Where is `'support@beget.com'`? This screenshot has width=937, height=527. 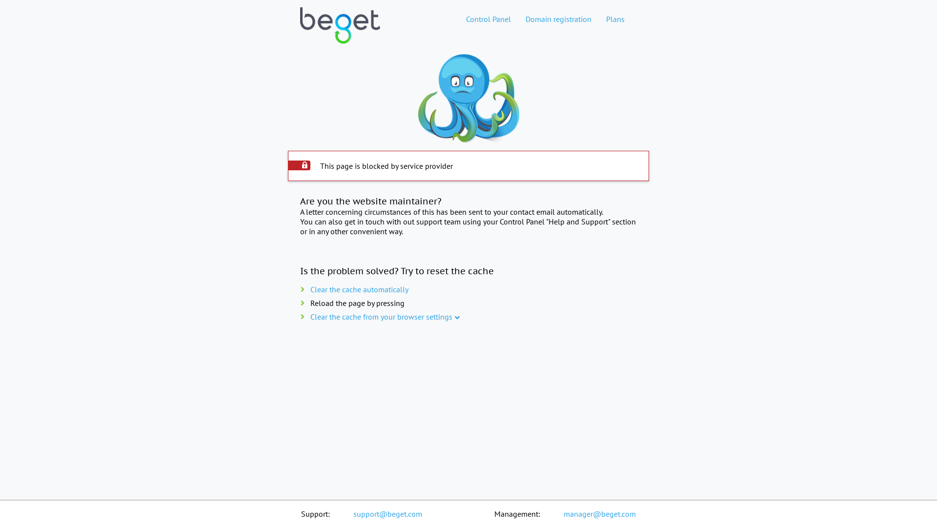 'support@beget.com' is located at coordinates (387, 513).